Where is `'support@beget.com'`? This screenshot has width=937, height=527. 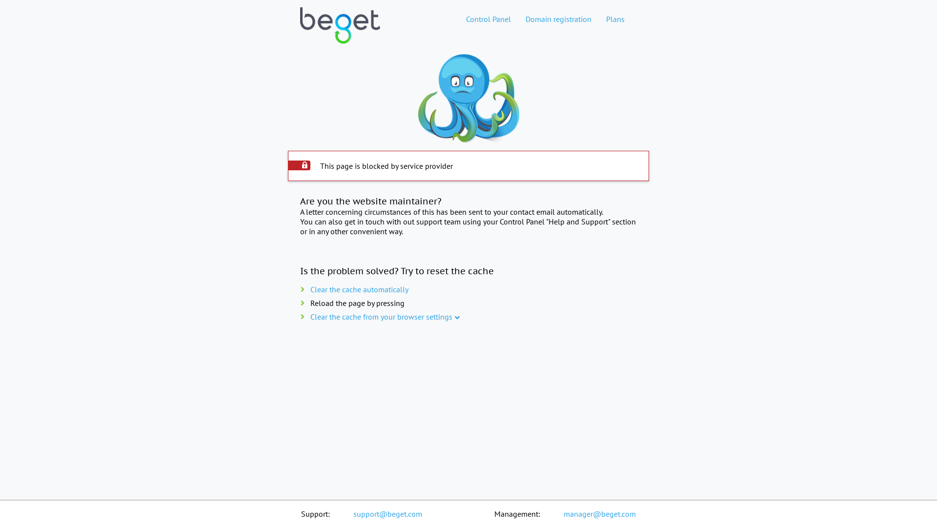 'support@beget.com' is located at coordinates (387, 513).